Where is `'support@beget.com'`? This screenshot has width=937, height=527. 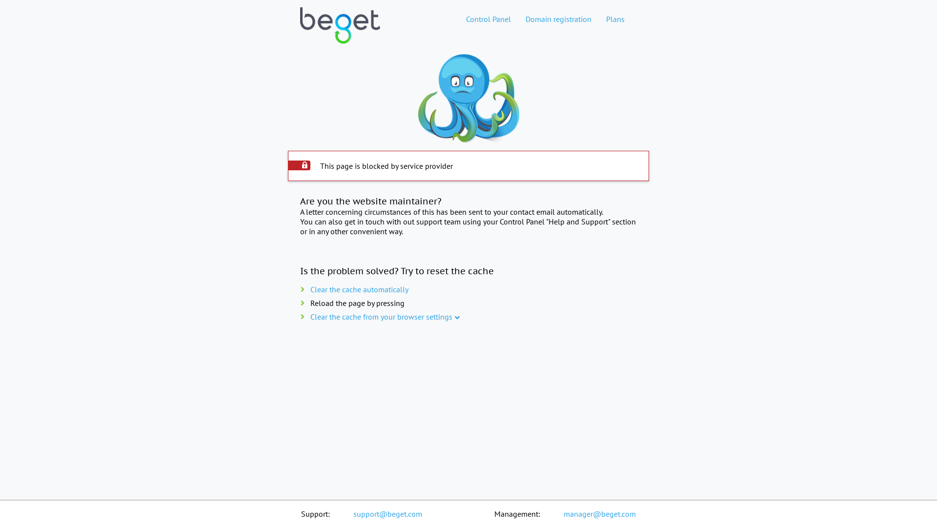 'support@beget.com' is located at coordinates (387, 513).